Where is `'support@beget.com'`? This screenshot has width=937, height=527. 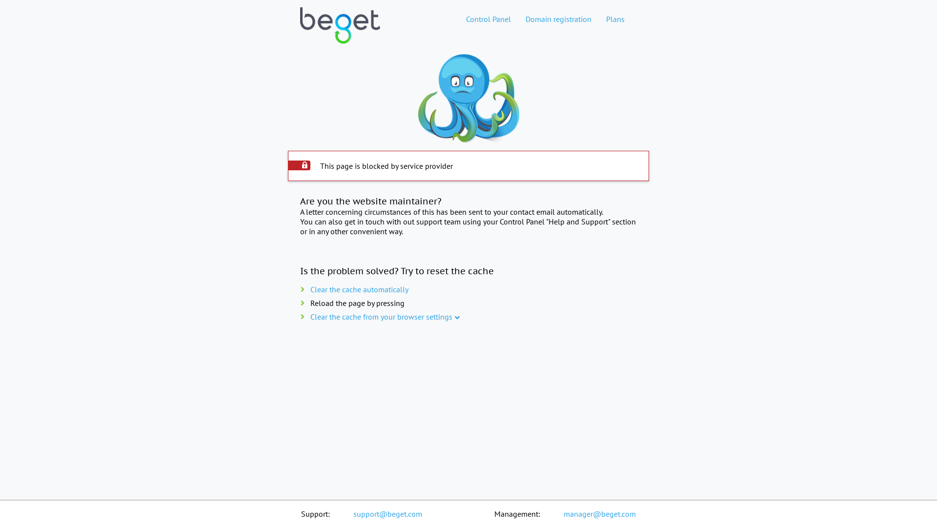 'support@beget.com' is located at coordinates (387, 513).